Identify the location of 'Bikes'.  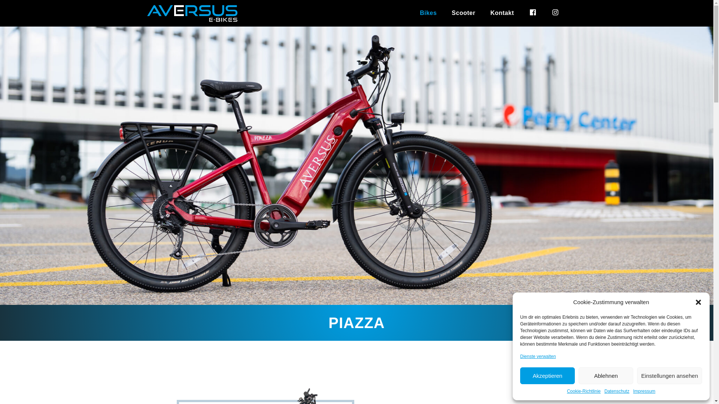
(428, 13).